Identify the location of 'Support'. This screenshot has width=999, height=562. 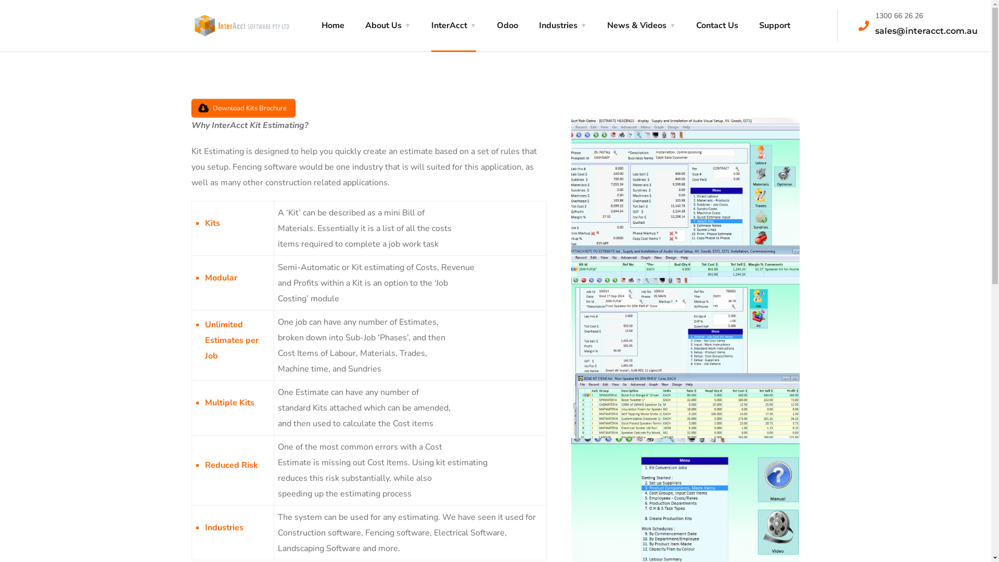
(759, 25).